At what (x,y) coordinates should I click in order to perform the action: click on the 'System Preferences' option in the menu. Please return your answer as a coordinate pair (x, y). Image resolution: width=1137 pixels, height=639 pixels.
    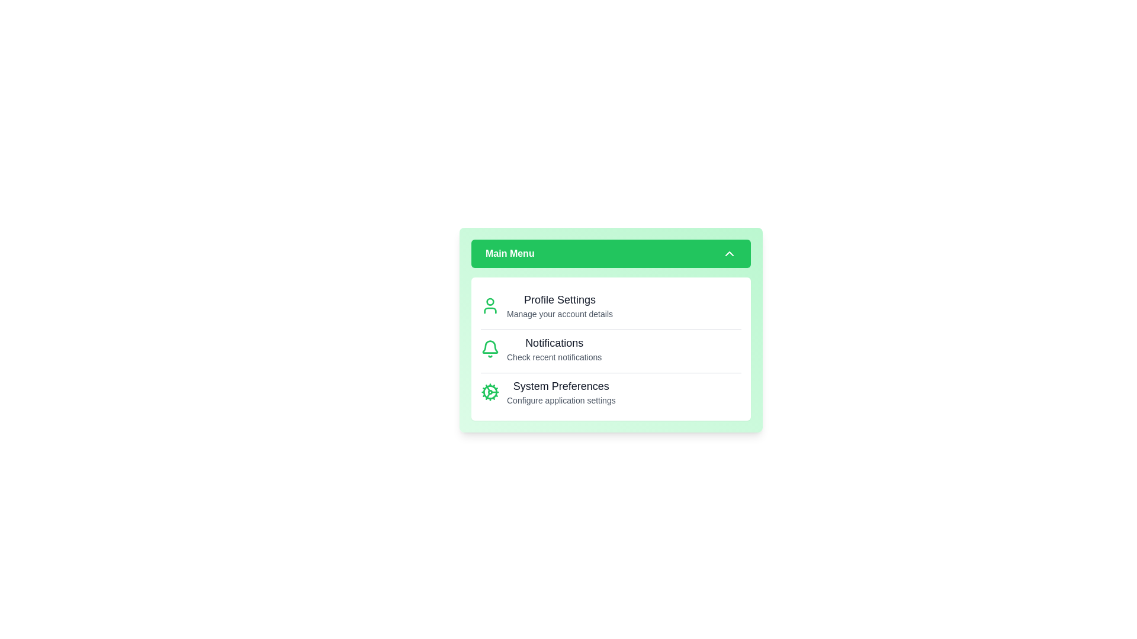
    Looking at the image, I should click on (560, 392).